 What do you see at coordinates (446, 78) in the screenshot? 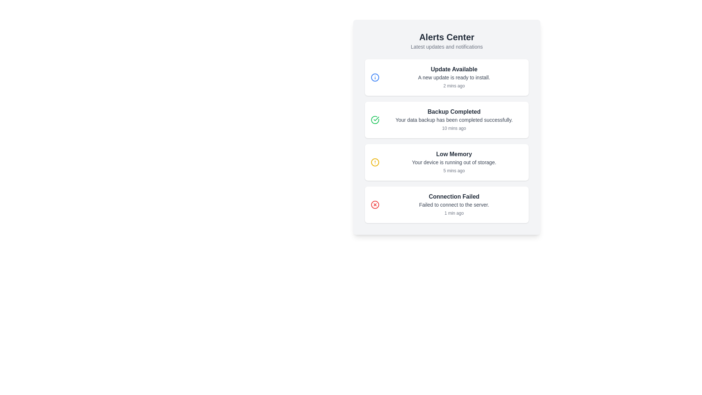
I see `the first Notification Card in the Alerts Center to emphasize it` at bounding box center [446, 78].